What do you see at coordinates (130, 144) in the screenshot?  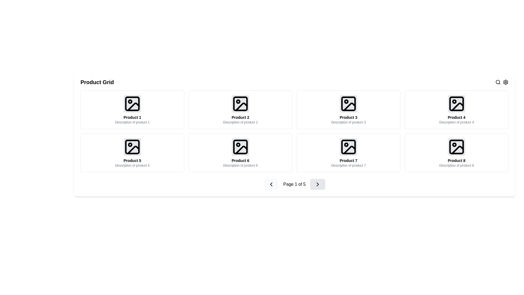 I see `the small circular graphical dot located near the center-left of the image icon in the product card labeled 'Product 5', which is in the second row and first column of the product grid` at bounding box center [130, 144].